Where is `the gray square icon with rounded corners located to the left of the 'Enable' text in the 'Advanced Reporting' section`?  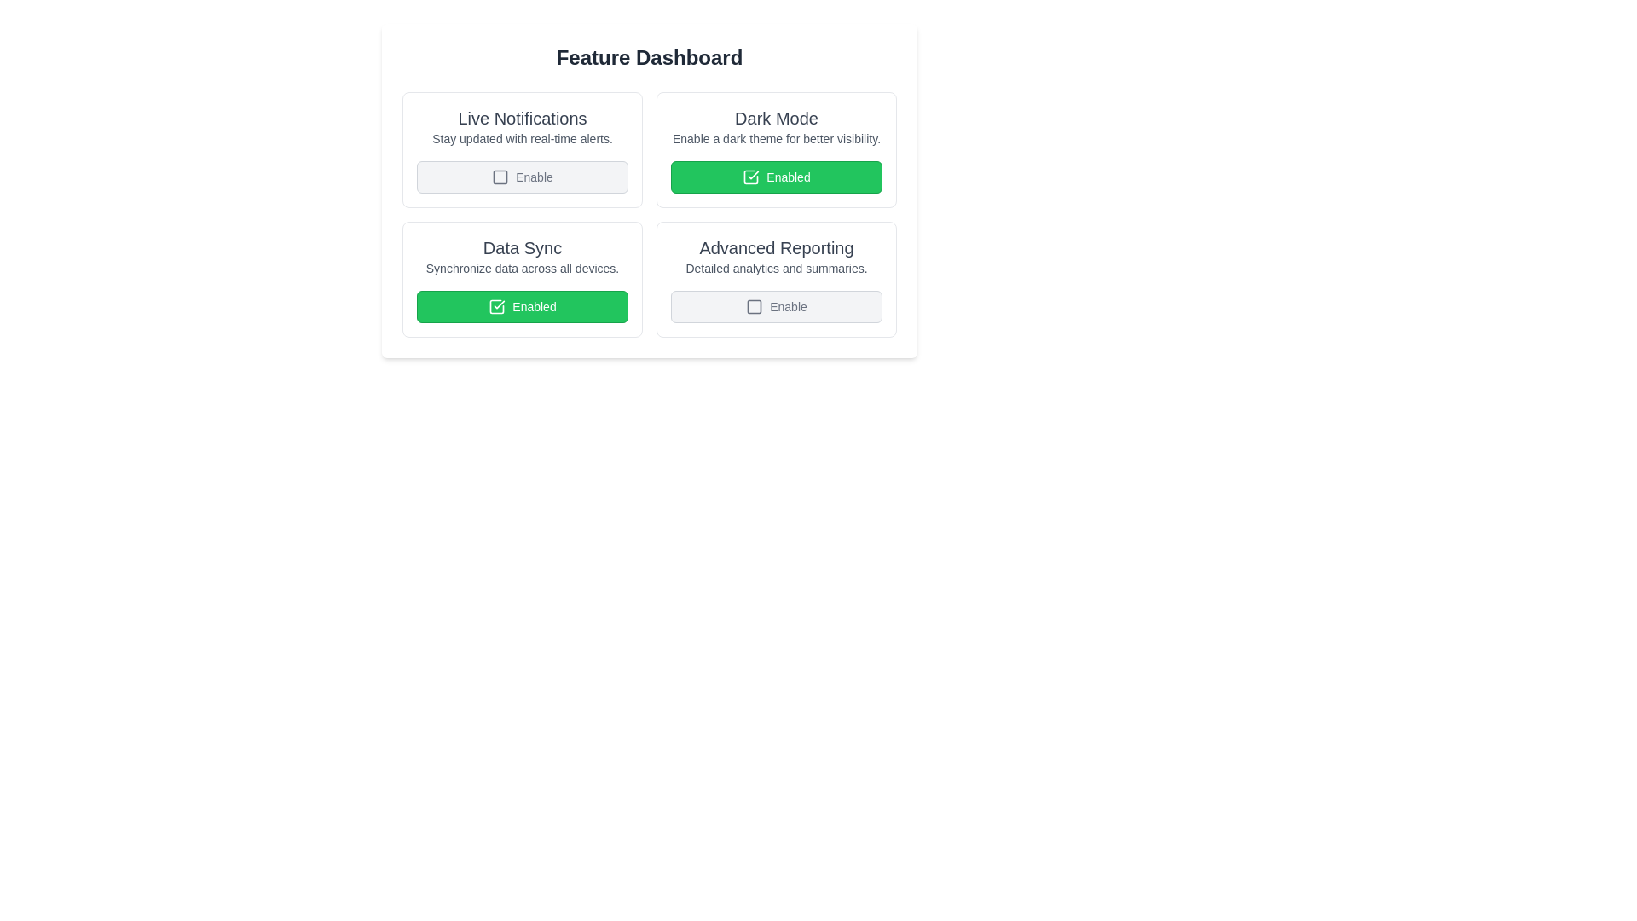 the gray square icon with rounded corners located to the left of the 'Enable' text in the 'Advanced Reporting' section is located at coordinates (753, 305).